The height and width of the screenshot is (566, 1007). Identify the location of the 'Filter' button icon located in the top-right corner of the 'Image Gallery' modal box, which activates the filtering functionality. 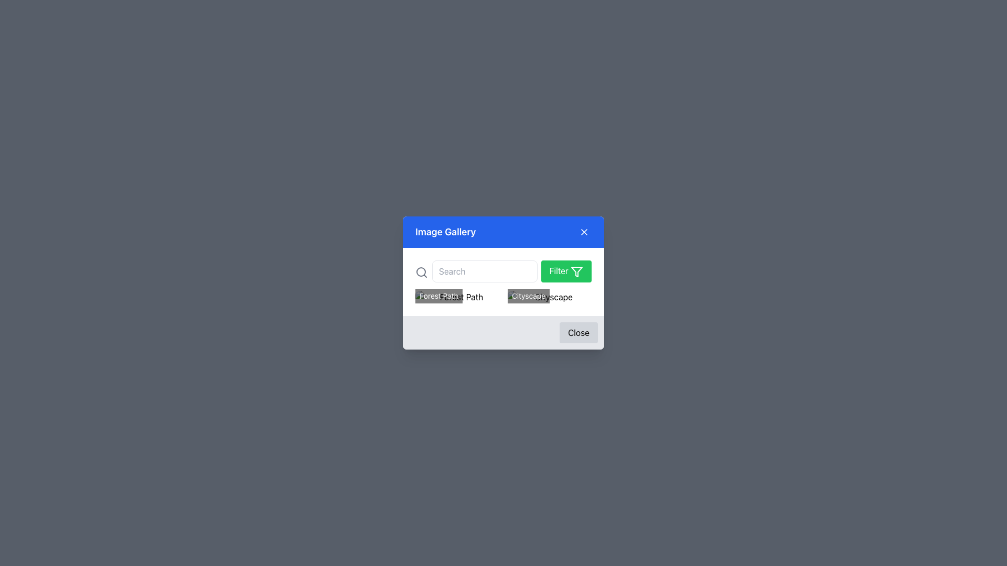
(576, 270).